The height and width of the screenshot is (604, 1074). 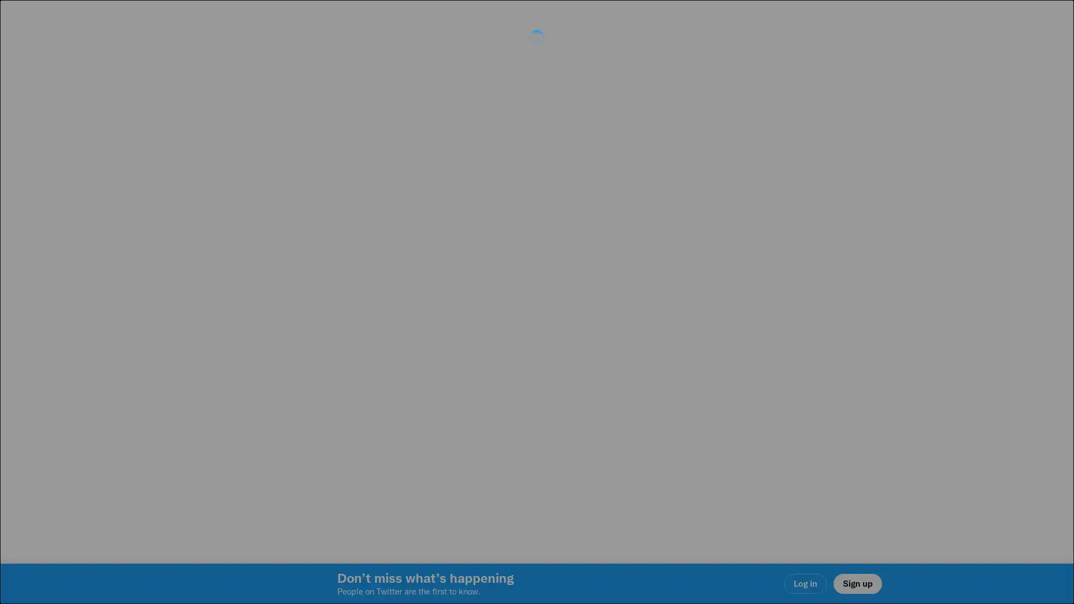 I want to click on Log in, so click(x=671, y=381).